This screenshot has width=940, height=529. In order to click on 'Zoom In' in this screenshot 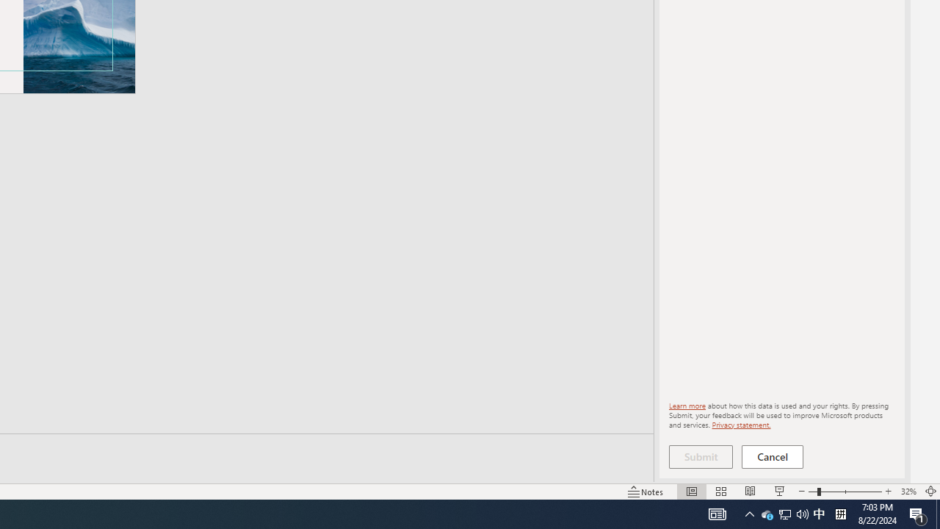, I will do `click(887, 492)`.